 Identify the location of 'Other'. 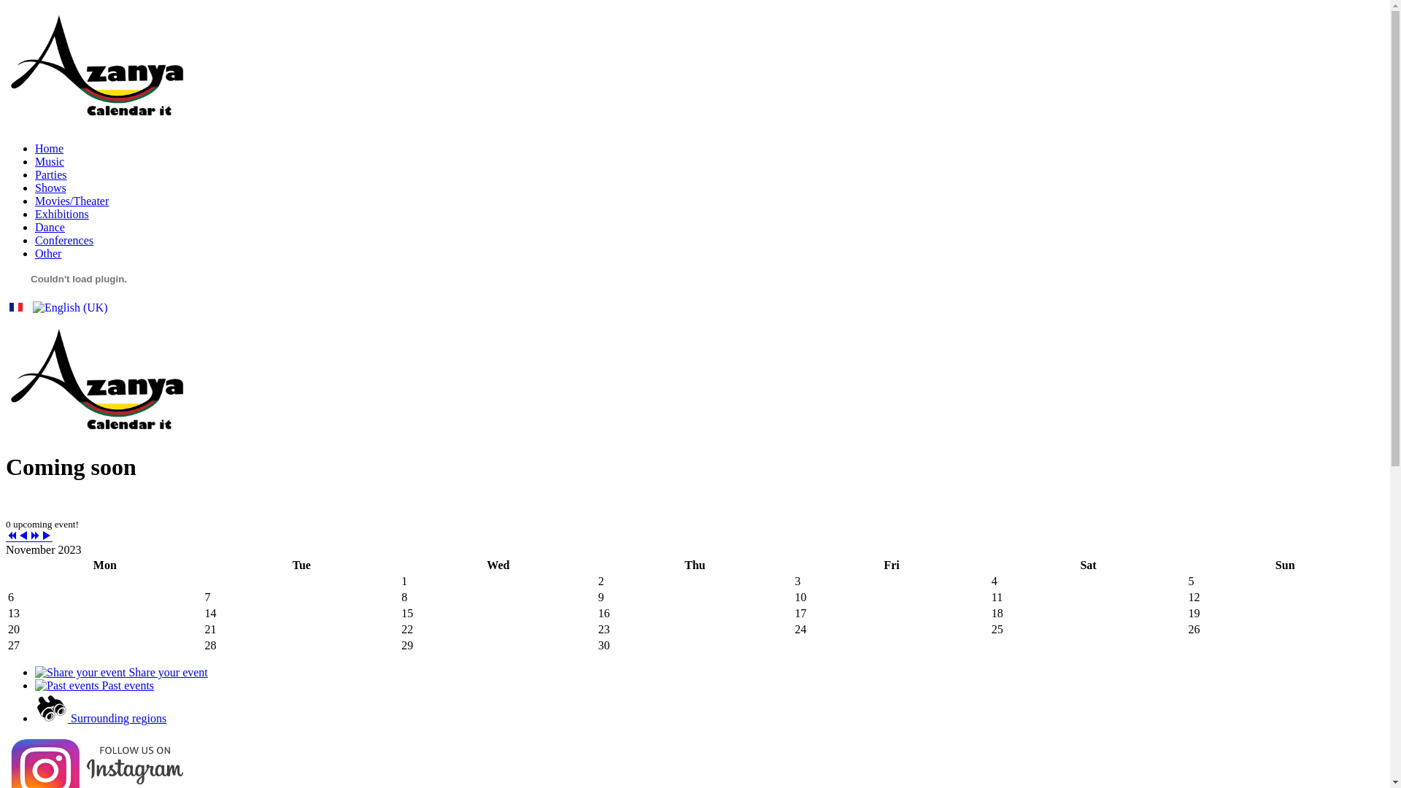
(35, 252).